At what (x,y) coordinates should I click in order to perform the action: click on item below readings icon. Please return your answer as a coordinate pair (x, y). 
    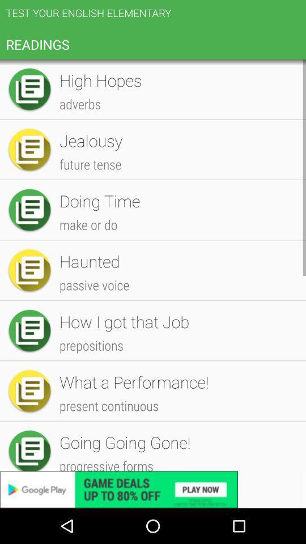
    Looking at the image, I should click on (177, 172).